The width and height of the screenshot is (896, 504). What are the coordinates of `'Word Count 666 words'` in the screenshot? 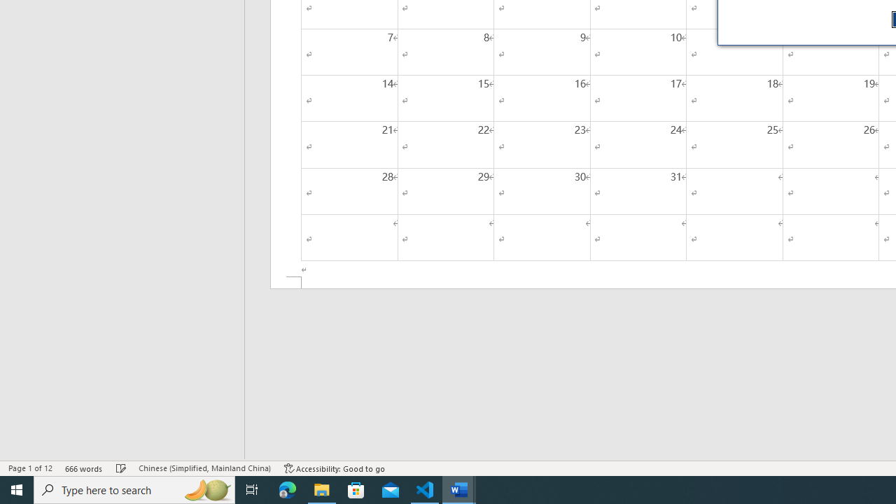 It's located at (83, 468).